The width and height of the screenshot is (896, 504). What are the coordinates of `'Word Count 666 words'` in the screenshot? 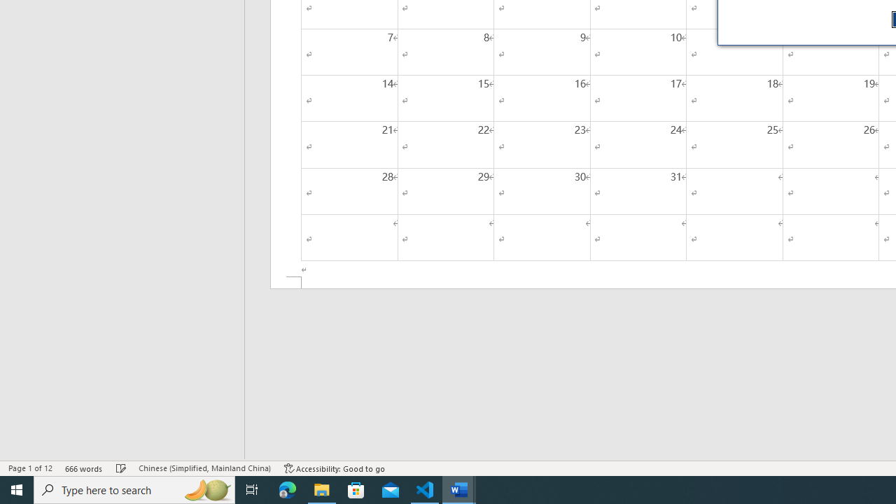 It's located at (83, 468).